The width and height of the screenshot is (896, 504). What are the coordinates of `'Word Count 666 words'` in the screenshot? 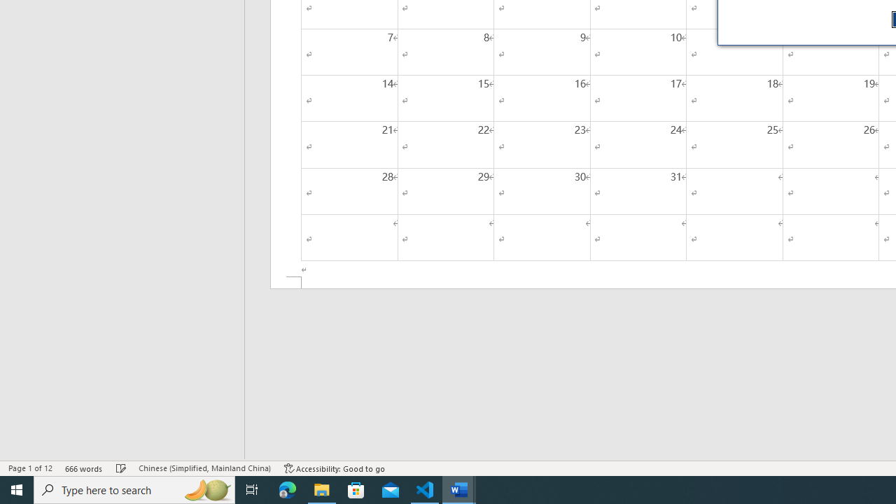 It's located at (83, 468).